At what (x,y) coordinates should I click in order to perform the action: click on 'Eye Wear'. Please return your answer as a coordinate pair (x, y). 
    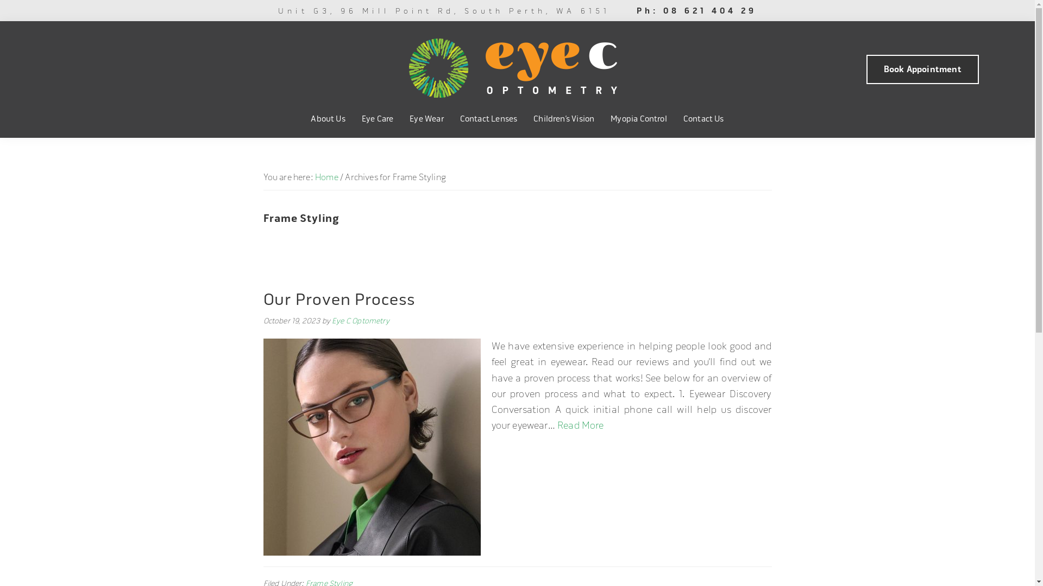
    Looking at the image, I should click on (426, 119).